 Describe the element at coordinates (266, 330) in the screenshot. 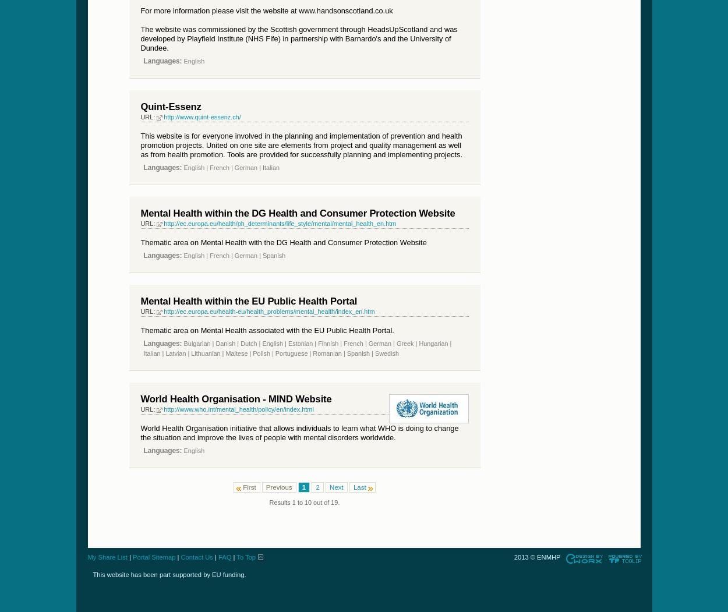

I see `'Thematic area on Mental Health associated with the EU Public Health Portal.'` at that location.